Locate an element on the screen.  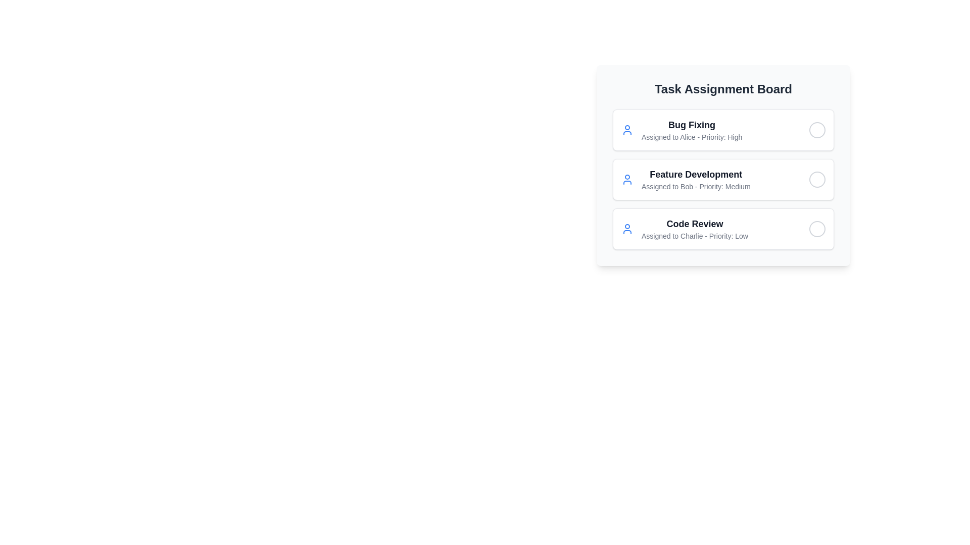
the circular button with a light border located on the far right of the second row in the task list for the task 'Feature Development' is located at coordinates (817, 179).